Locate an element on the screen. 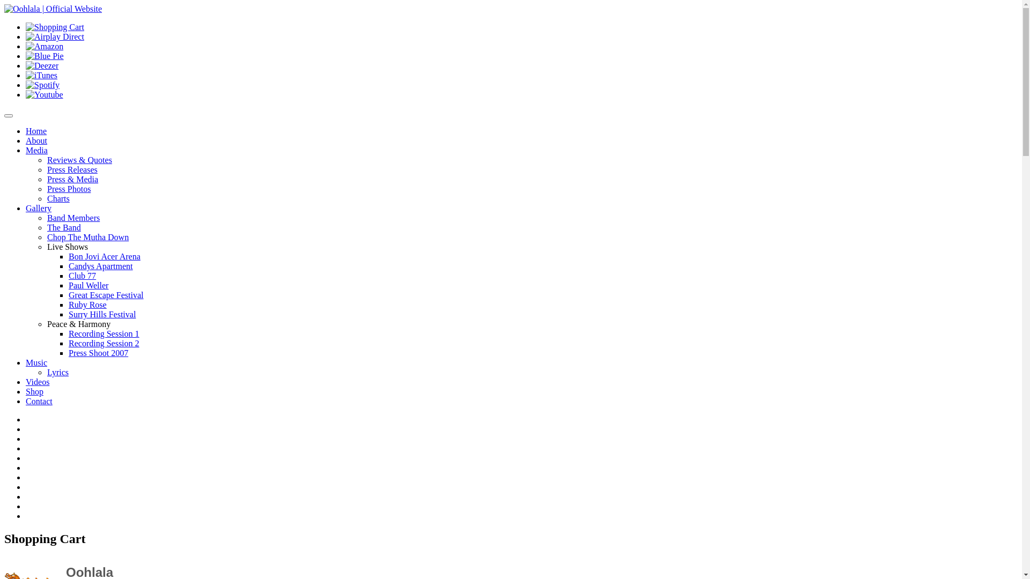 Image resolution: width=1030 pixels, height=579 pixels. 'The Band' is located at coordinates (63, 227).